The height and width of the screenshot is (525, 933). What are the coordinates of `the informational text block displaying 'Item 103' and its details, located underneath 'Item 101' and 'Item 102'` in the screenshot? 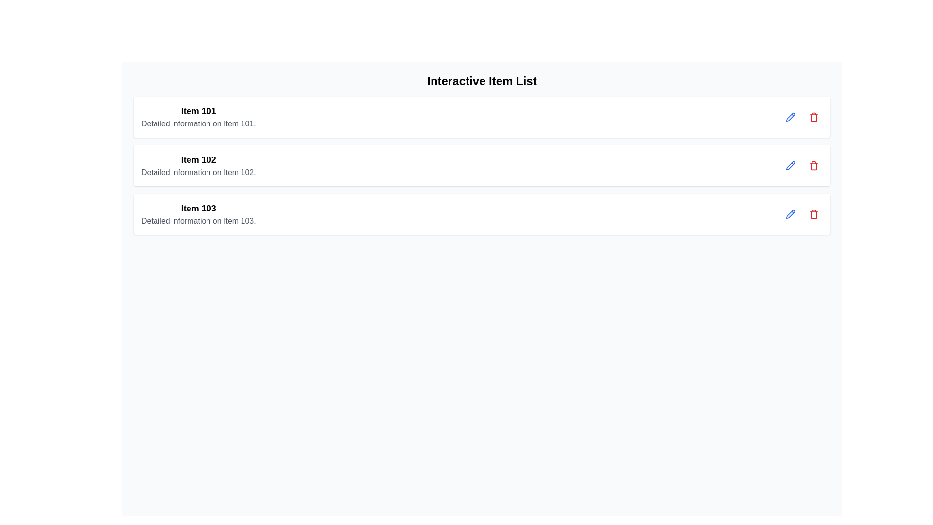 It's located at (198, 213).